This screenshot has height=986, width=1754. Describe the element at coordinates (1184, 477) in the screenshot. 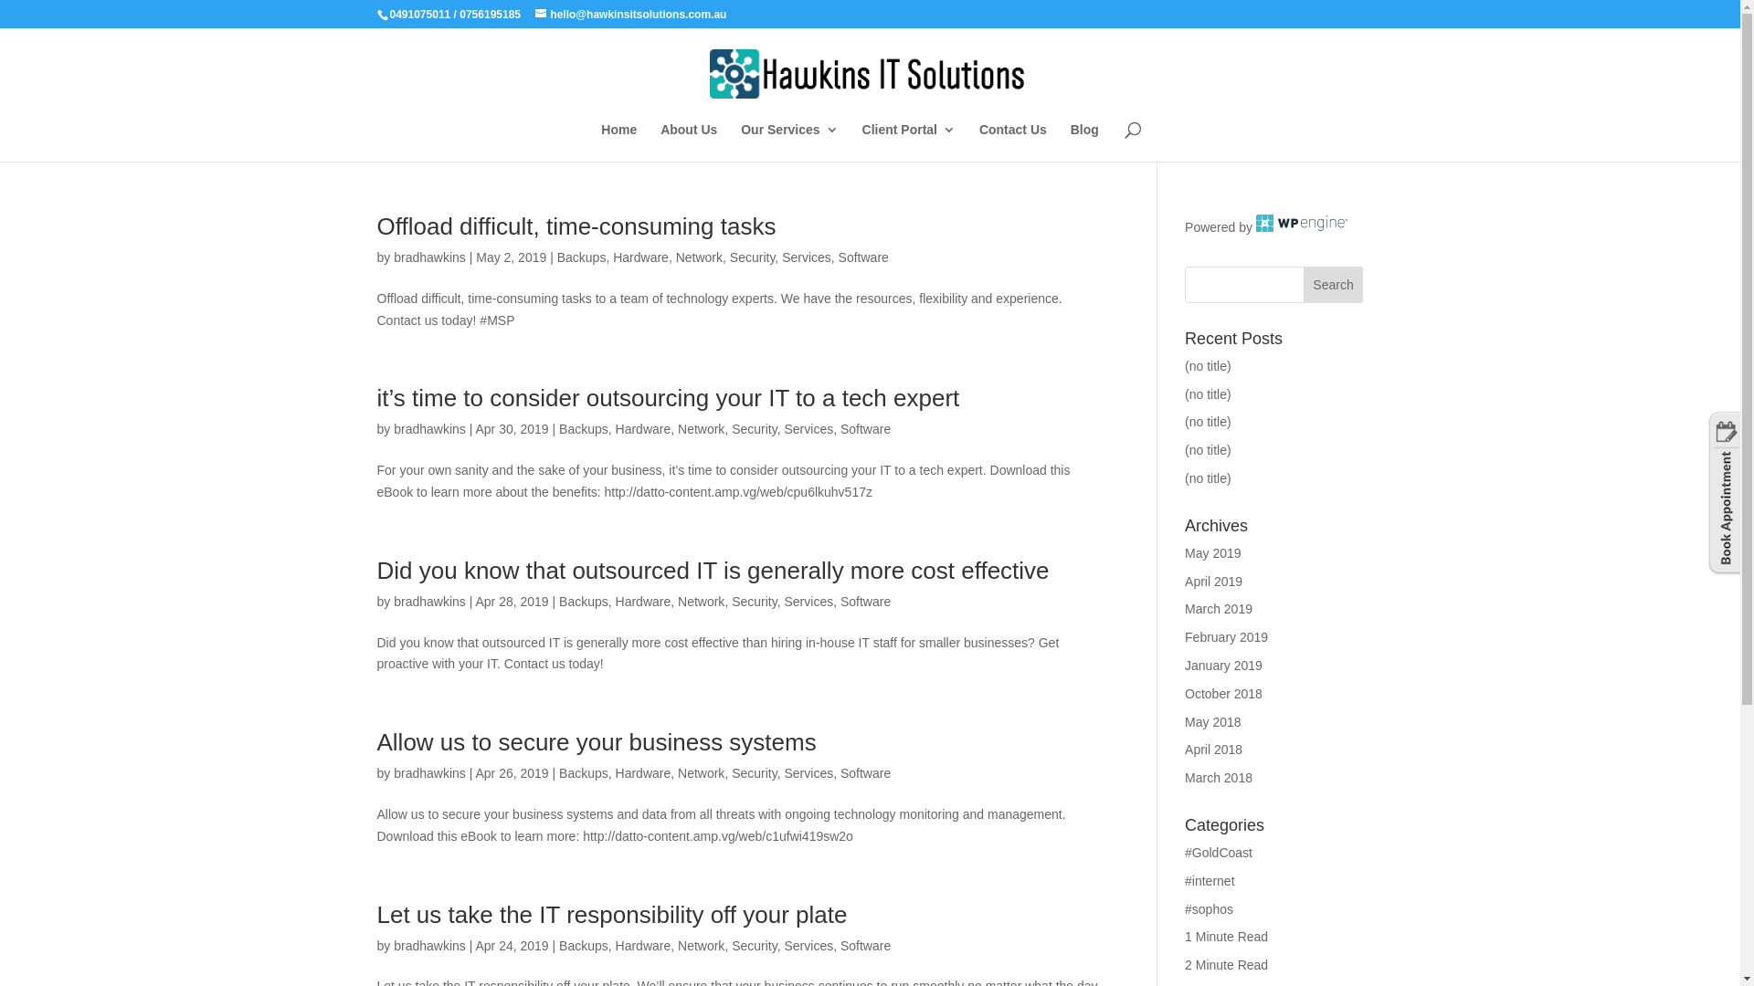

I see `'(no title)'` at that location.